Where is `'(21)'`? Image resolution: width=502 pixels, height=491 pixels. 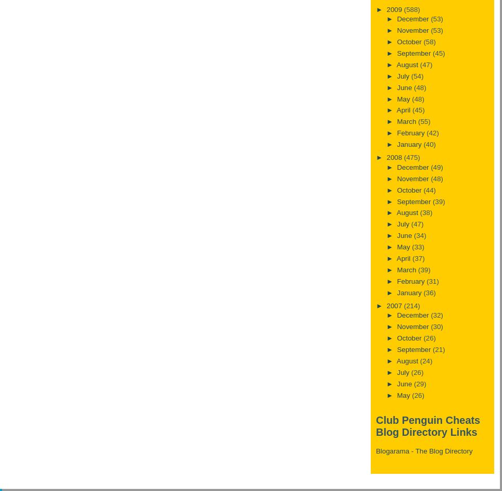 '(21)' is located at coordinates (438, 349).